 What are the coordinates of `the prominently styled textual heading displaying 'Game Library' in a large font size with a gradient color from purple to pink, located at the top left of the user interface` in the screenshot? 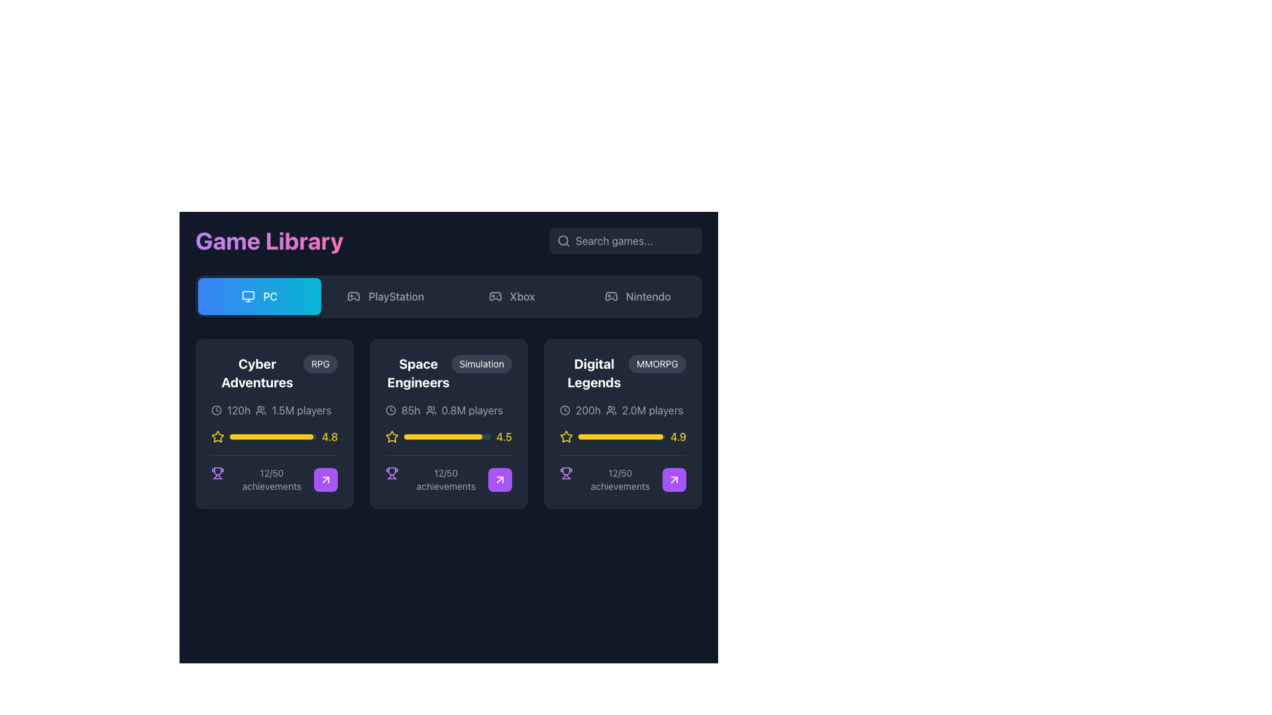 It's located at (268, 240).